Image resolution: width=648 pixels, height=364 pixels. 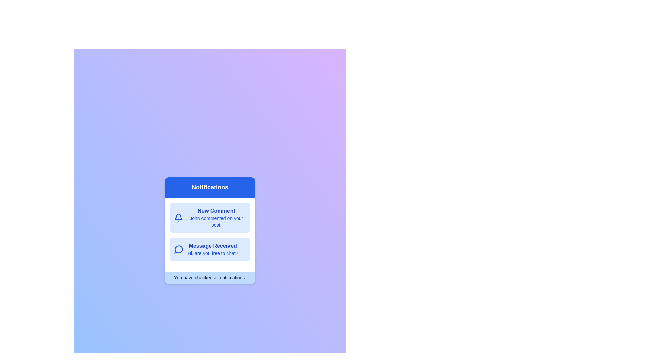 I want to click on the notification entry titled New Comment, so click(x=210, y=217).